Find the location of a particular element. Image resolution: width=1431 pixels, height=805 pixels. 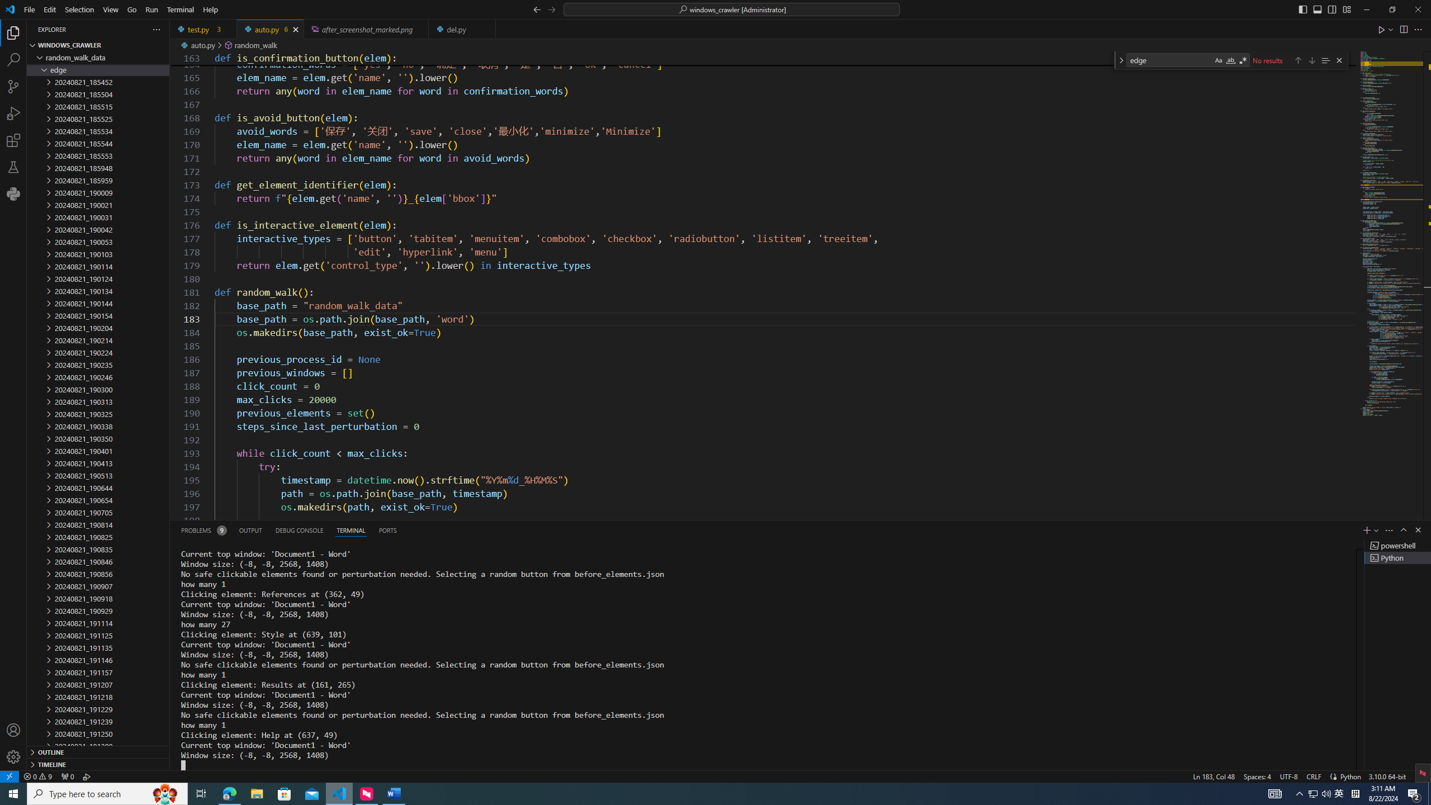

'Ln 183, Col 48' is located at coordinates (1214, 775).